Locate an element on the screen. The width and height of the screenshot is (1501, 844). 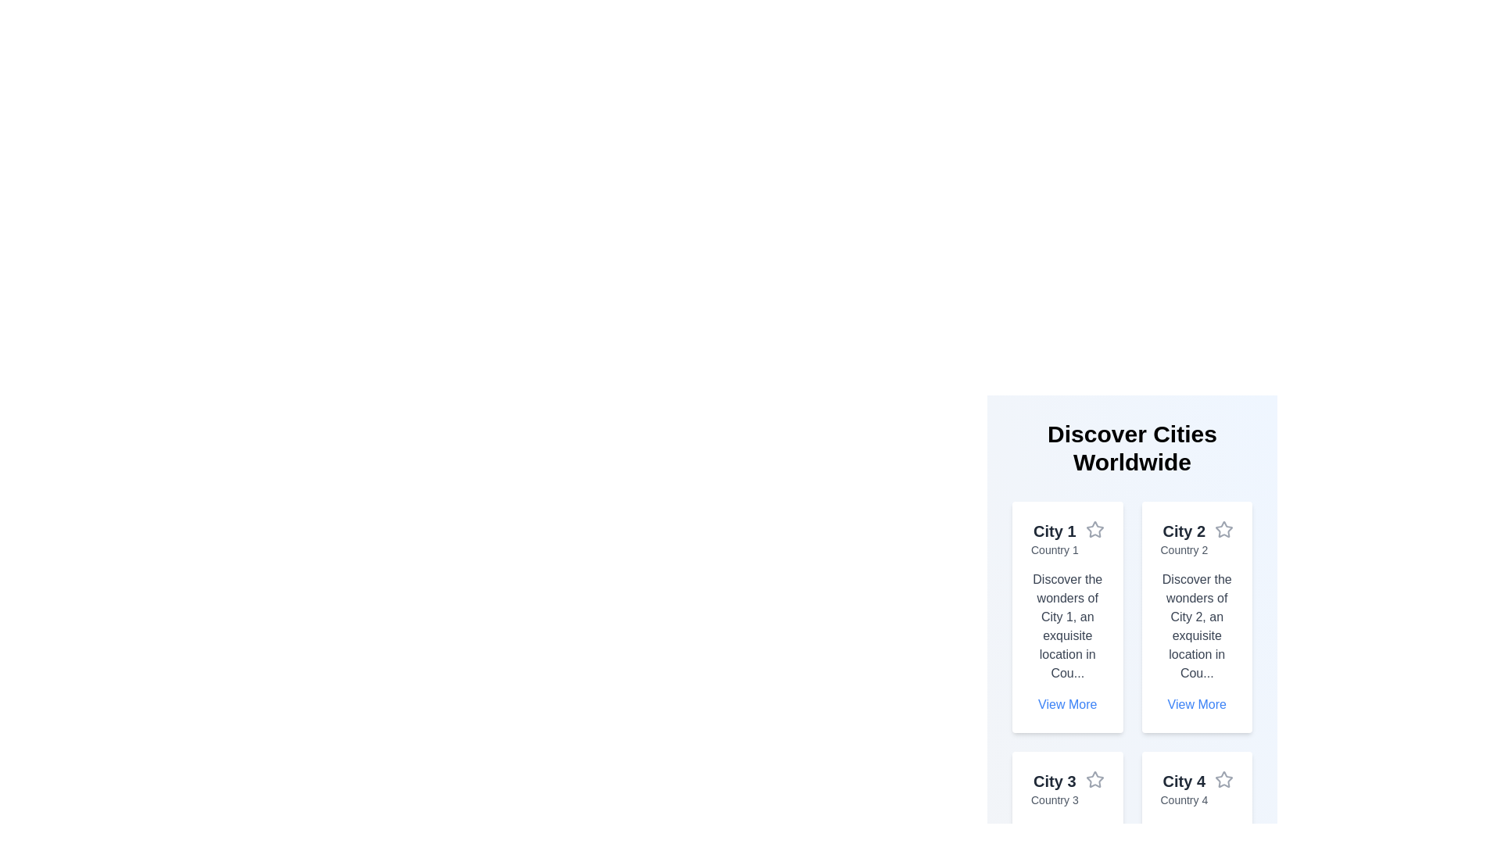
the Text label that serves as the title for the 'City 1 Country 1' card, located near the center of the card in the upper left corner of the grid layout is located at coordinates (1055, 530).